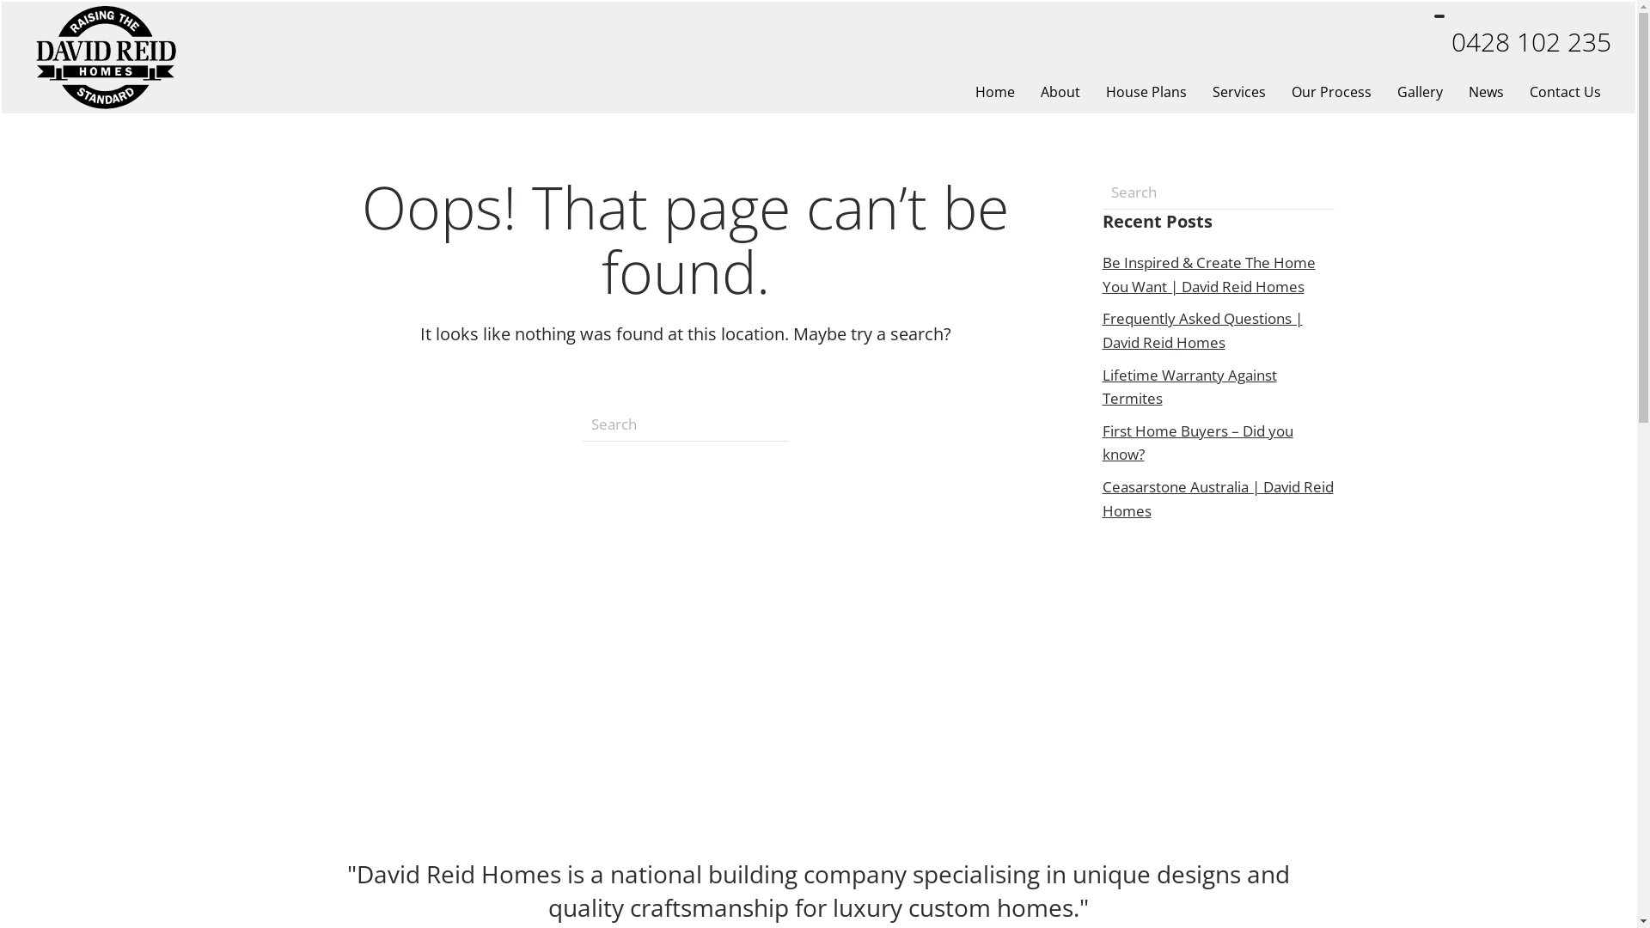 This screenshot has height=928, width=1650. I want to click on 'Services', so click(1238, 92).